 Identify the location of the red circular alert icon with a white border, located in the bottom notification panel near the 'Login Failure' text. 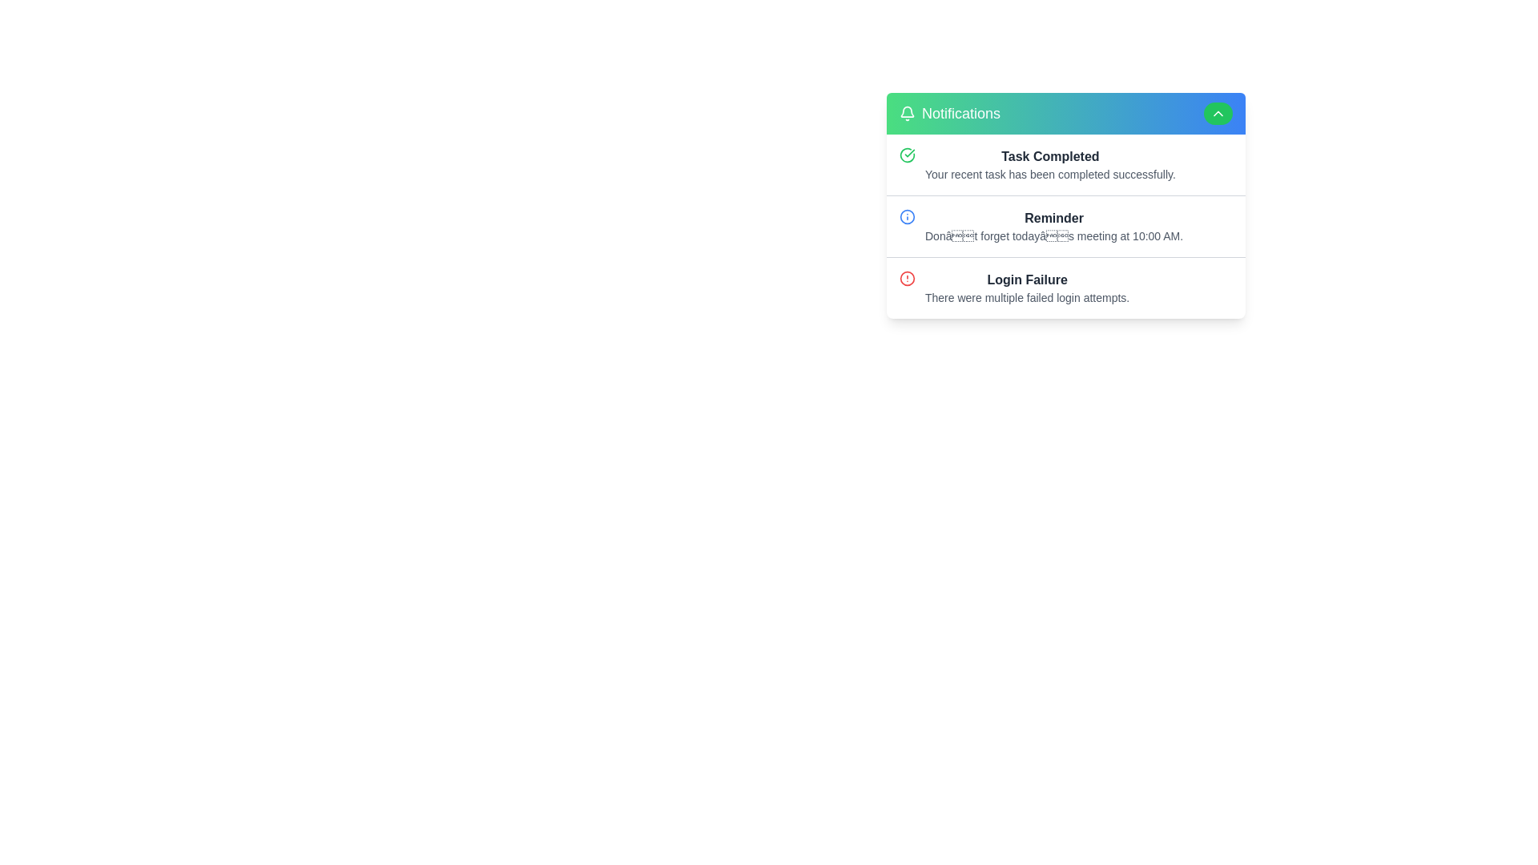
(907, 277).